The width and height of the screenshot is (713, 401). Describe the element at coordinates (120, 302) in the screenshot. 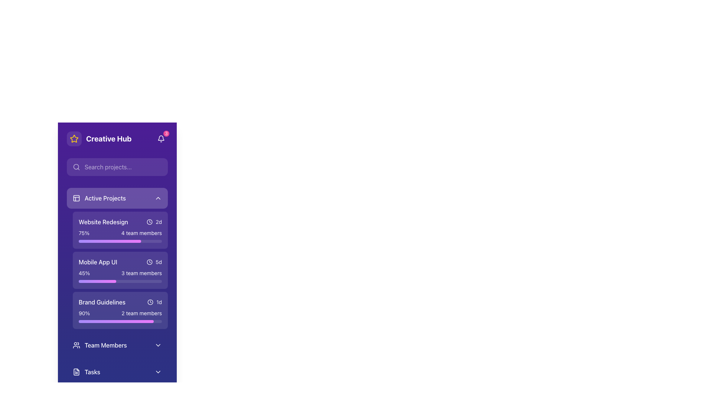

I see `the card associated with the 'Brand Guidelines' project, which contains the text label 'Brand Guidelines' in bold and '1d' in a smaller font with a clock icon, located in the lower section of the card within the Active Projects list` at that location.